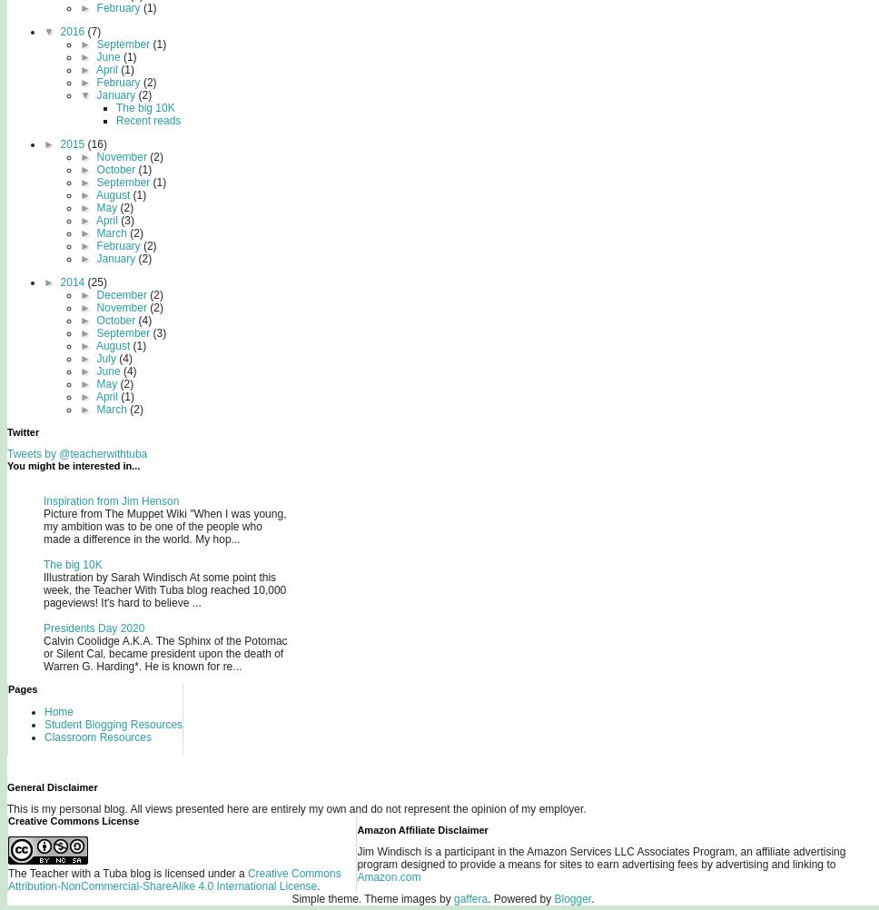 Image resolution: width=879 pixels, height=910 pixels. What do you see at coordinates (148, 118) in the screenshot?
I see `'Recent reads'` at bounding box center [148, 118].